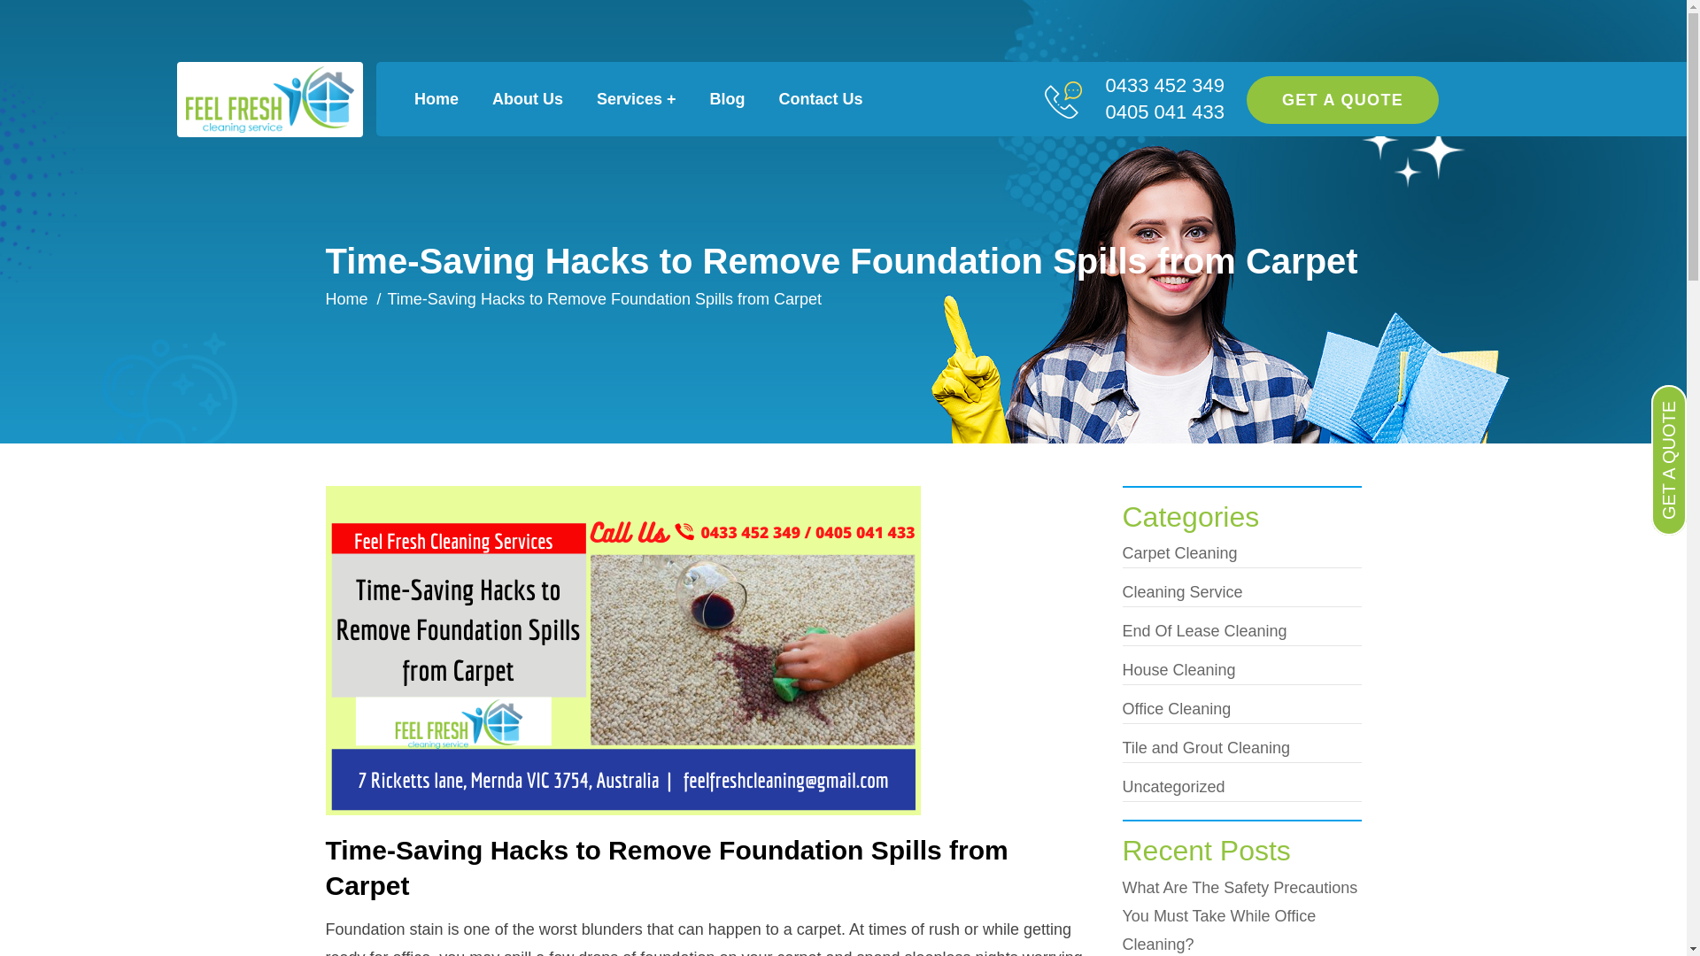  Describe the element at coordinates (596, 98) in the screenshot. I see `'Services +'` at that location.